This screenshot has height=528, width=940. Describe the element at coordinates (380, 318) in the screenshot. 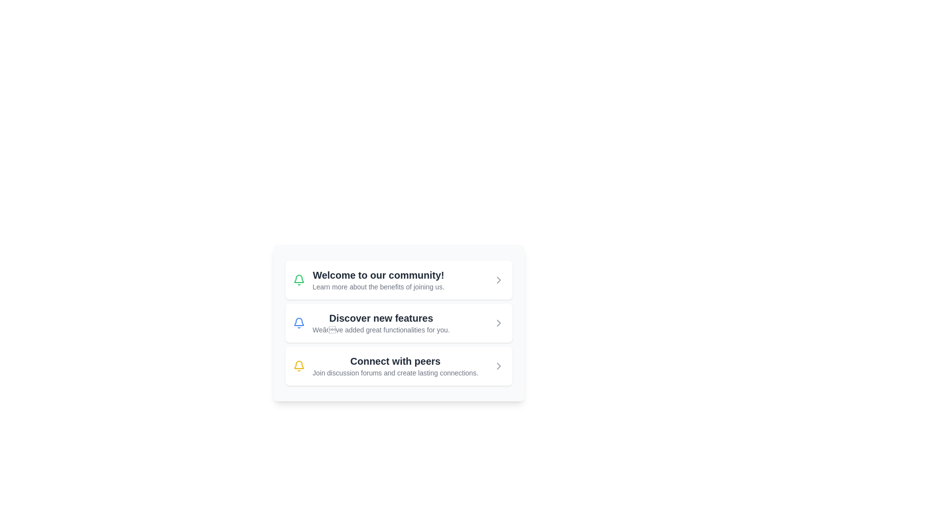

I see `the text label that says 'Discover new features', which is styled with a large font size and bold weight, located between 'Welcome to our community!' and 'Connect with peers'` at that location.